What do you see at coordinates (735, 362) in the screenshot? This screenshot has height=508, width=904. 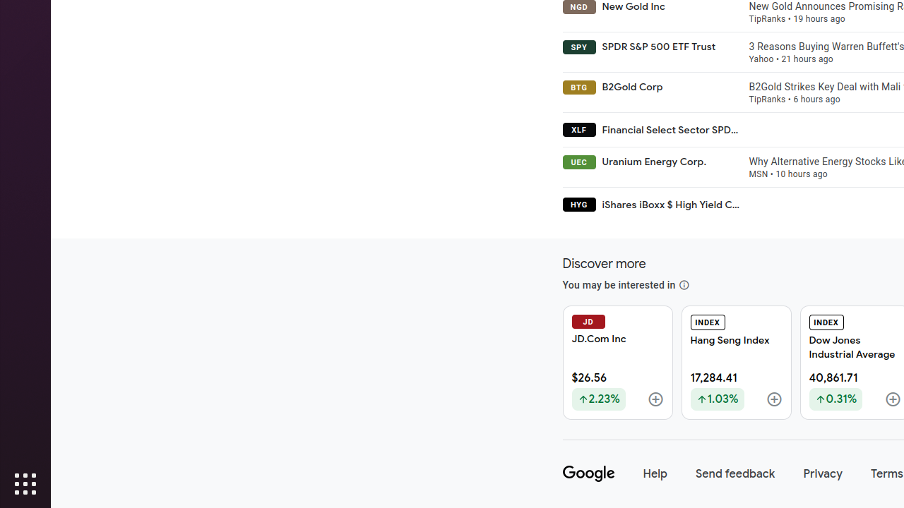 I see `'INDEX Hang Seng Index 17,284.41 Up by 1.03%'` at bounding box center [735, 362].